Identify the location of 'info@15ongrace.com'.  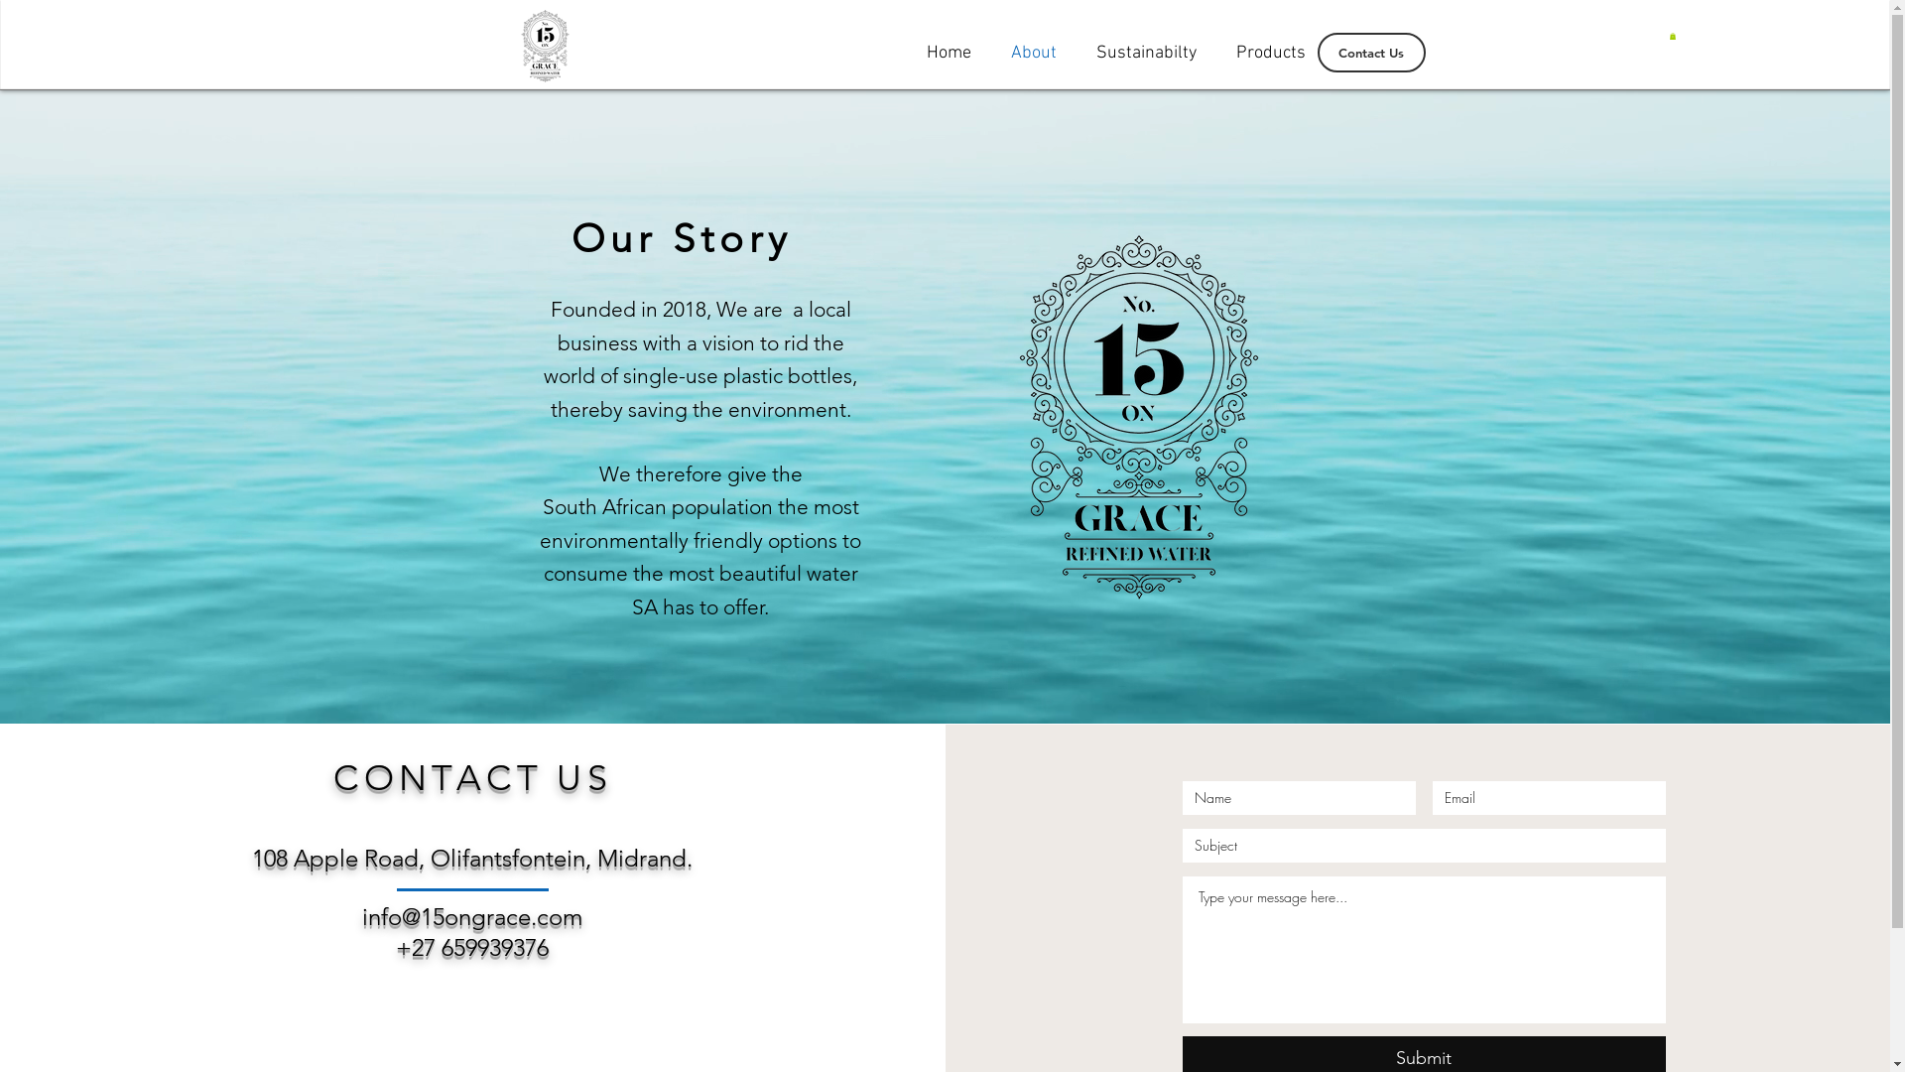
(470, 916).